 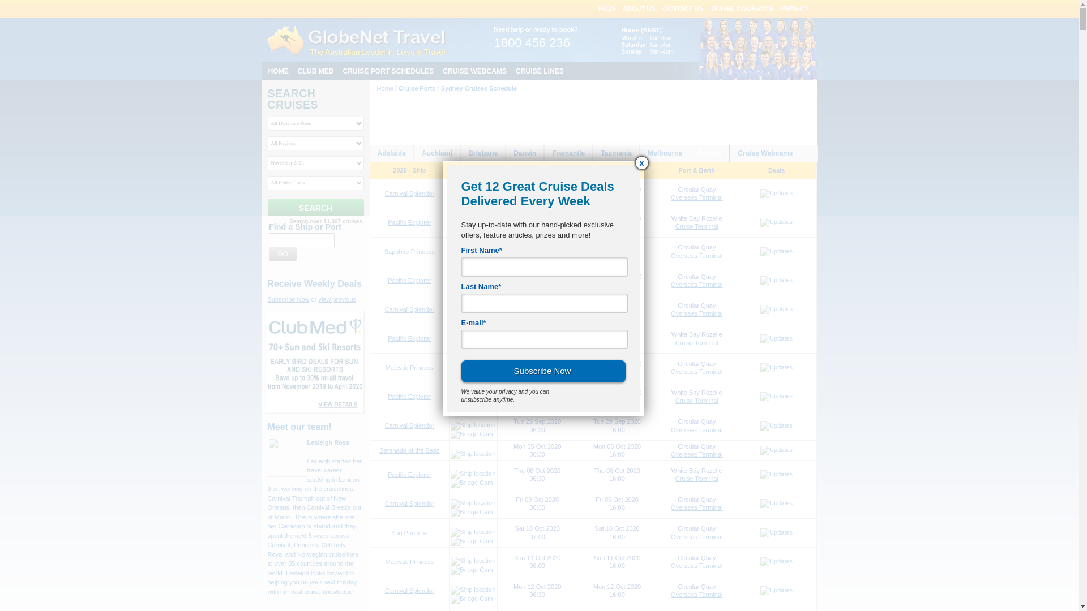 I want to click on 'CRUISE PORT SCHEDULES', so click(x=388, y=71).